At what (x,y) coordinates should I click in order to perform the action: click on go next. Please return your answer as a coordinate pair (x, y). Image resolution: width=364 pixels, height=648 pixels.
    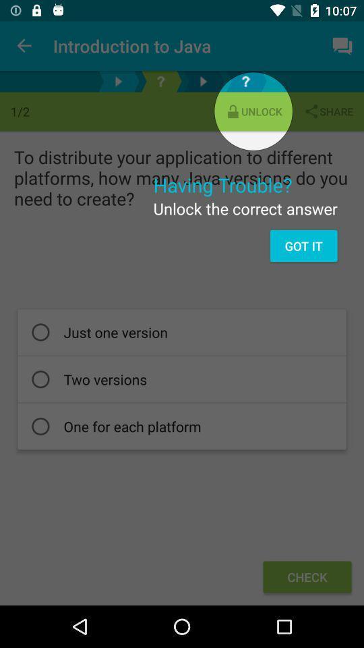
    Looking at the image, I should click on (202, 81).